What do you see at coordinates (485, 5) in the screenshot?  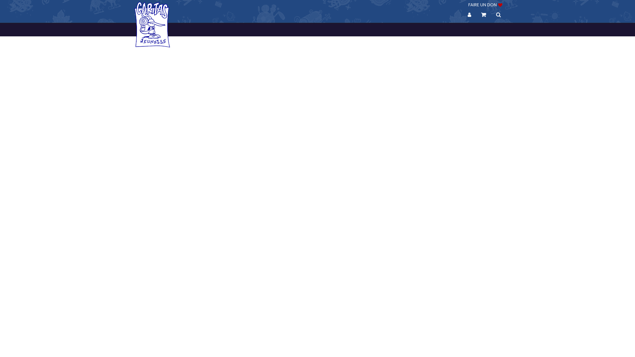 I see `'FAIRE UN DON'` at bounding box center [485, 5].